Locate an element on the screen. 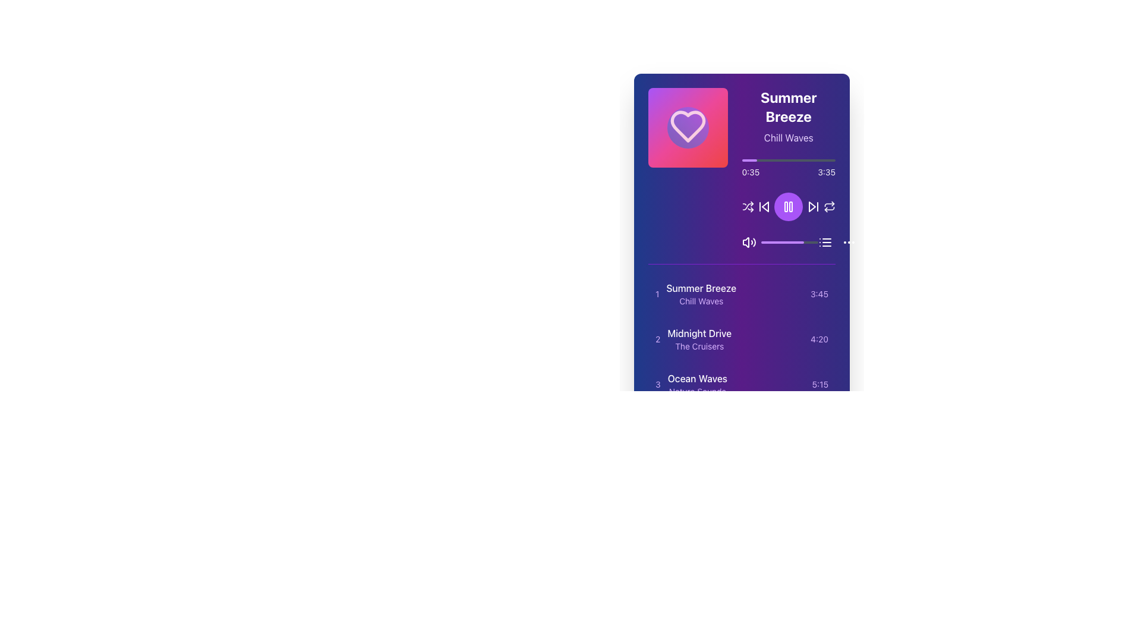 The width and height of the screenshot is (1141, 642). the text label displaying the duration of the track titled 'Ocean Waves', located in the third row of the audio track list, on the far right side is located at coordinates (819, 385).